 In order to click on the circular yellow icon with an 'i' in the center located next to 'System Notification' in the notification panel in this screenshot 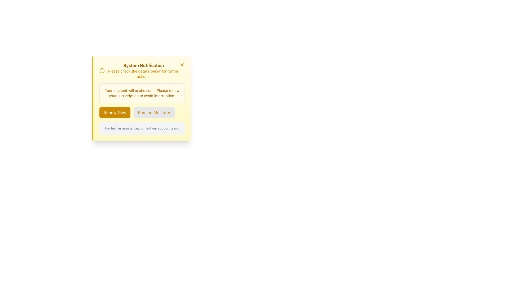, I will do `click(102, 70)`.